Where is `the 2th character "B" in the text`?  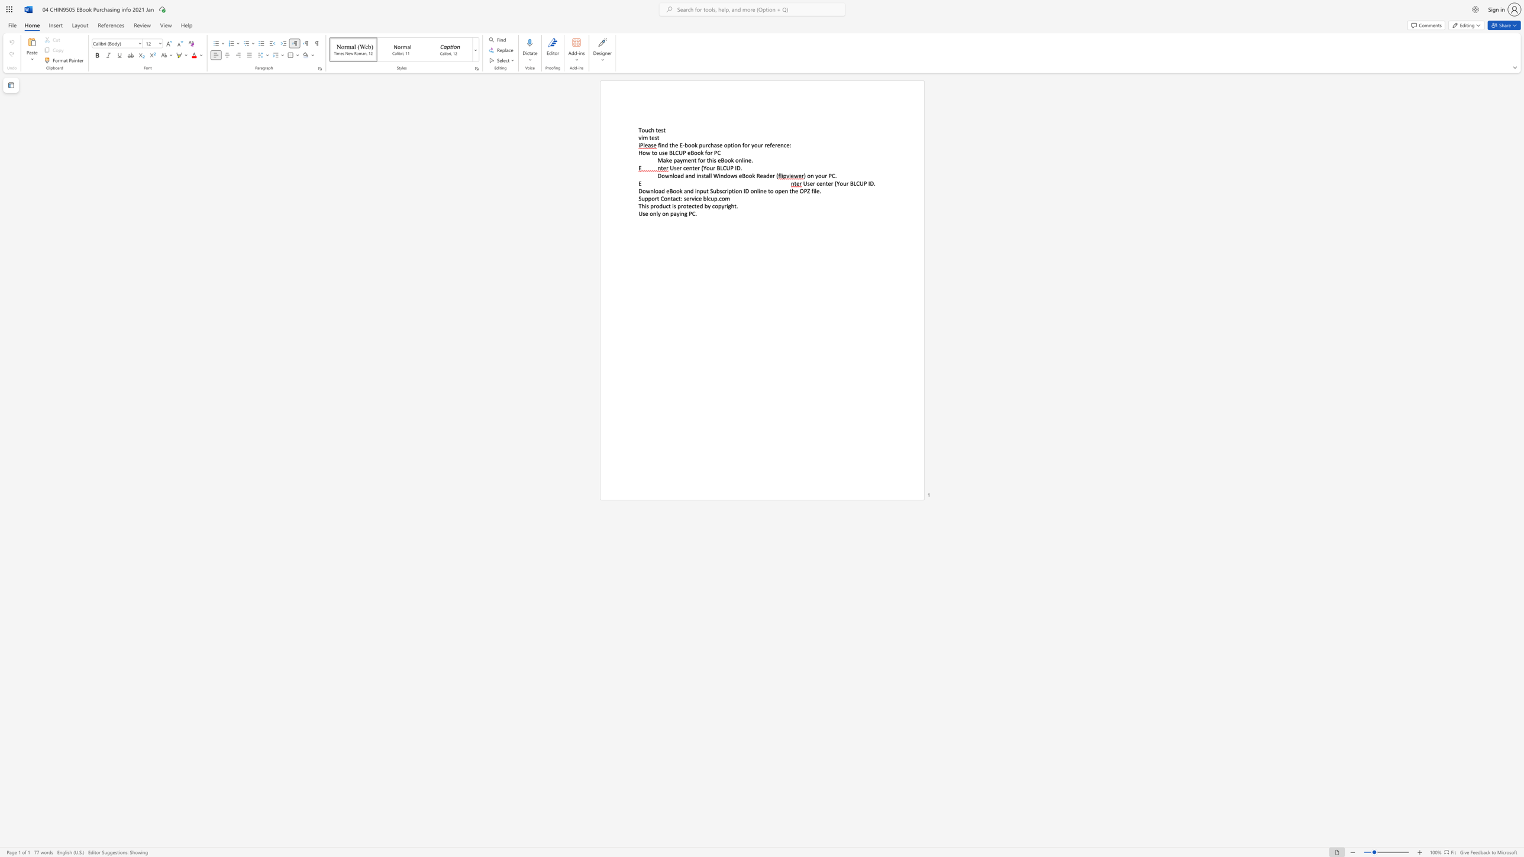 the 2th character "B" in the text is located at coordinates (692, 153).